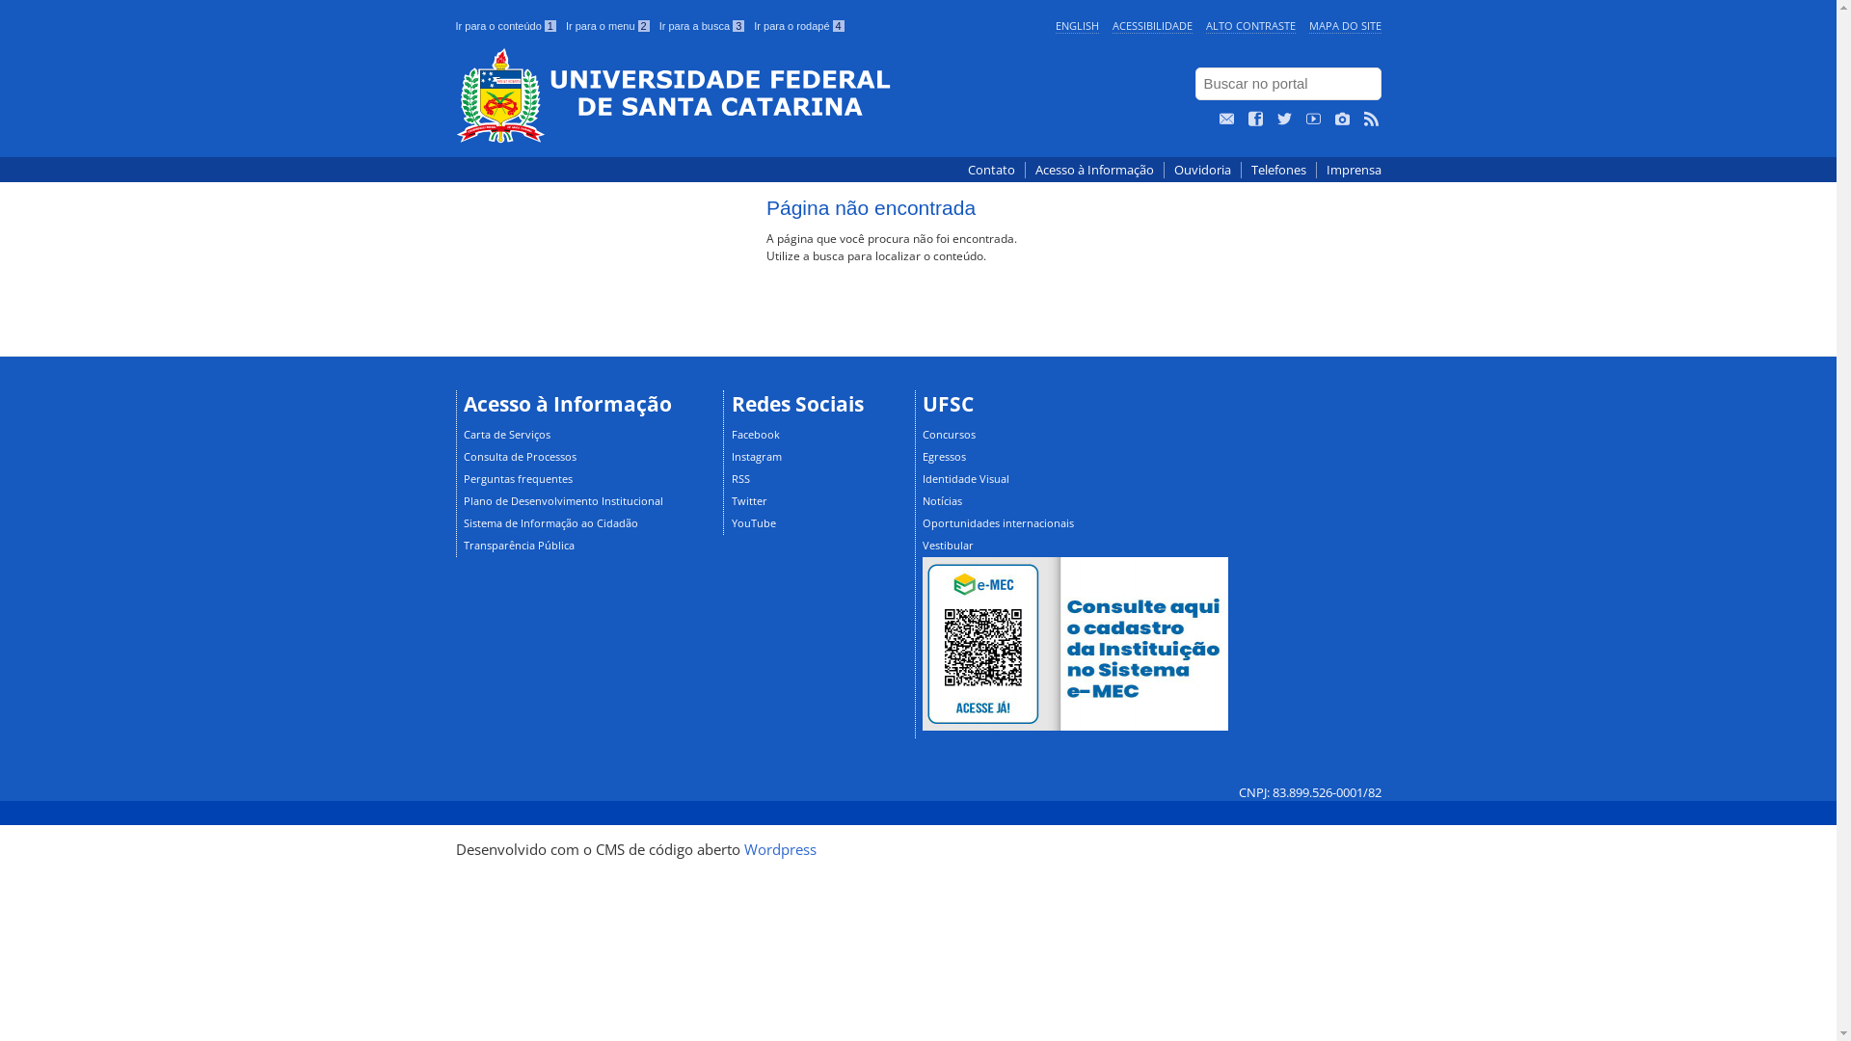  I want to click on 'Instagram', so click(756, 456).